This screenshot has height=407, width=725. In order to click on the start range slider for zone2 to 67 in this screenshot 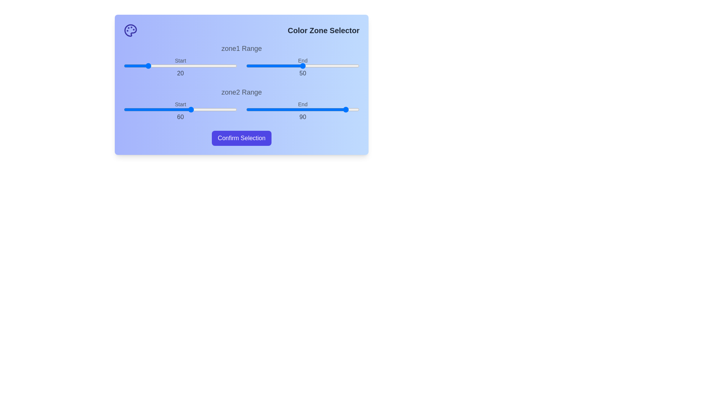, I will do `click(199, 109)`.